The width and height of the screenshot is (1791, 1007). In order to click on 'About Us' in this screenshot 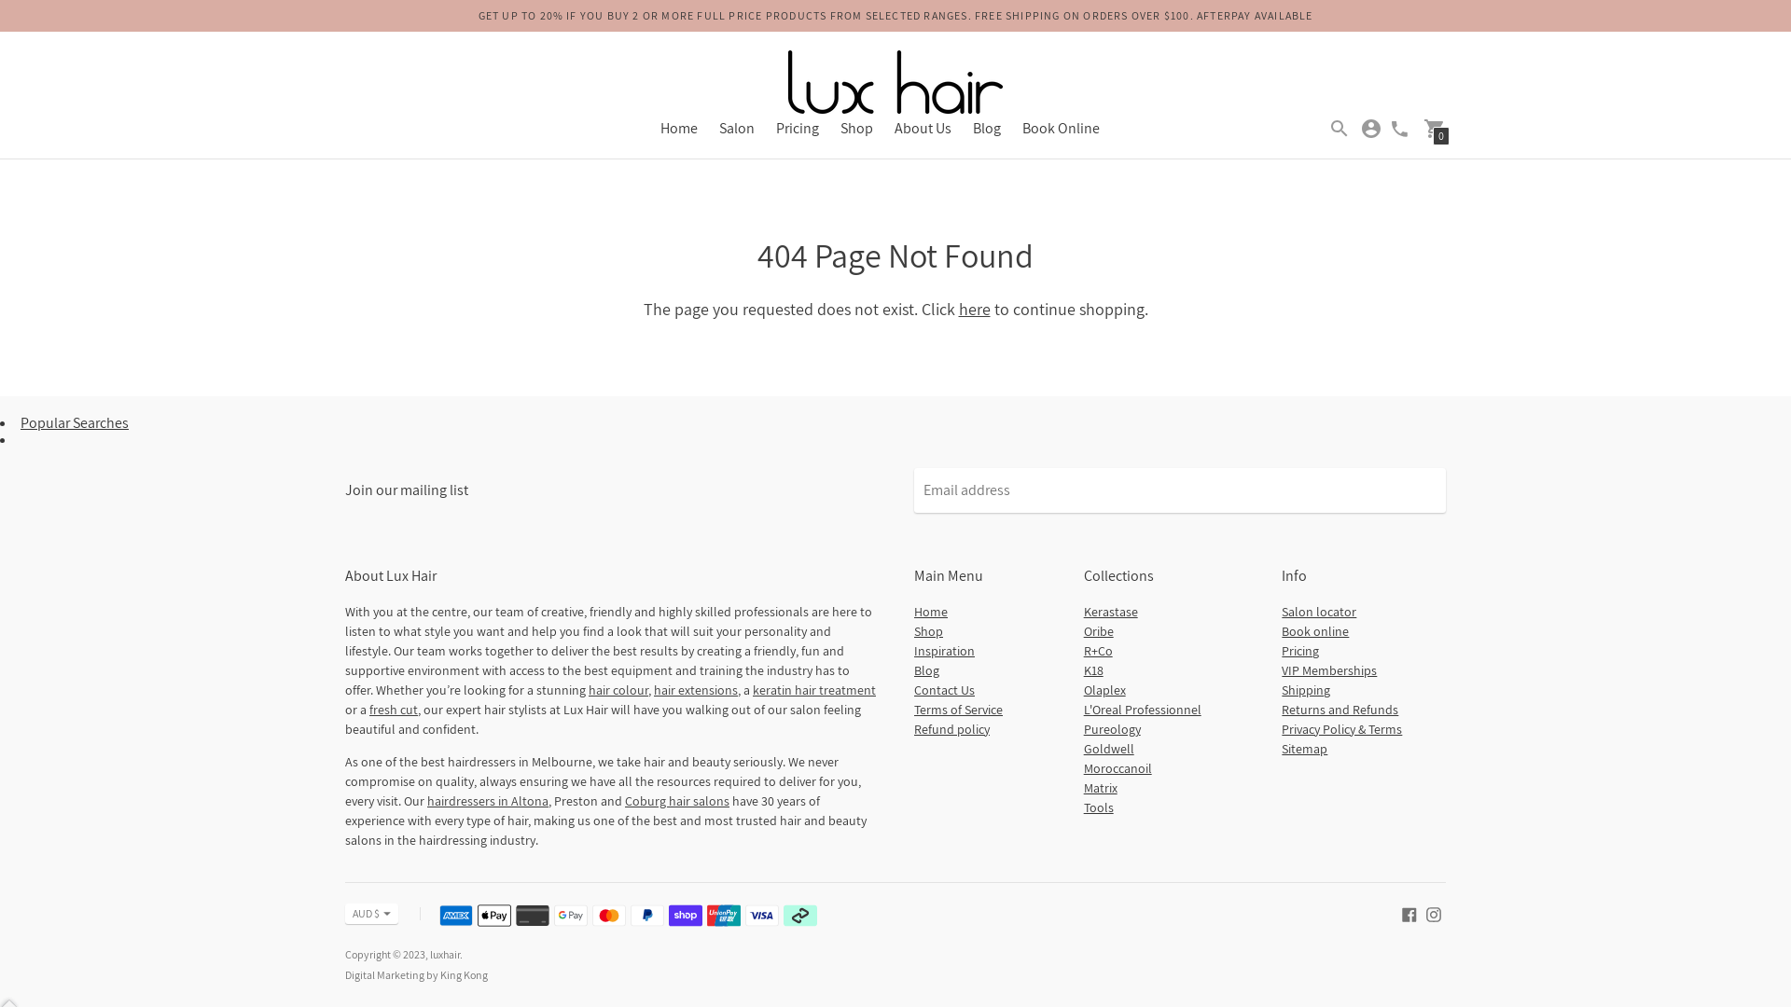, I will do `click(922, 127)`.